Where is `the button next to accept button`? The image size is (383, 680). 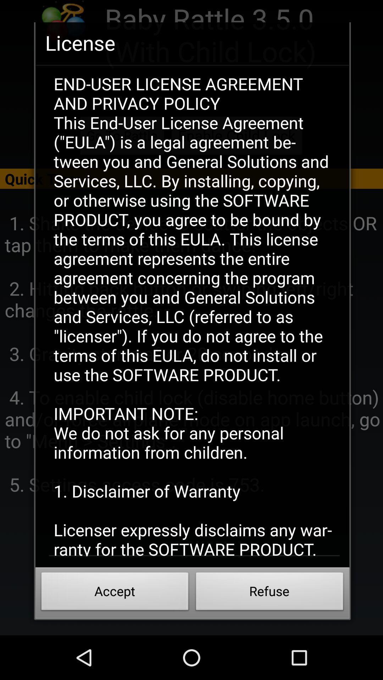 the button next to accept button is located at coordinates (270, 593).